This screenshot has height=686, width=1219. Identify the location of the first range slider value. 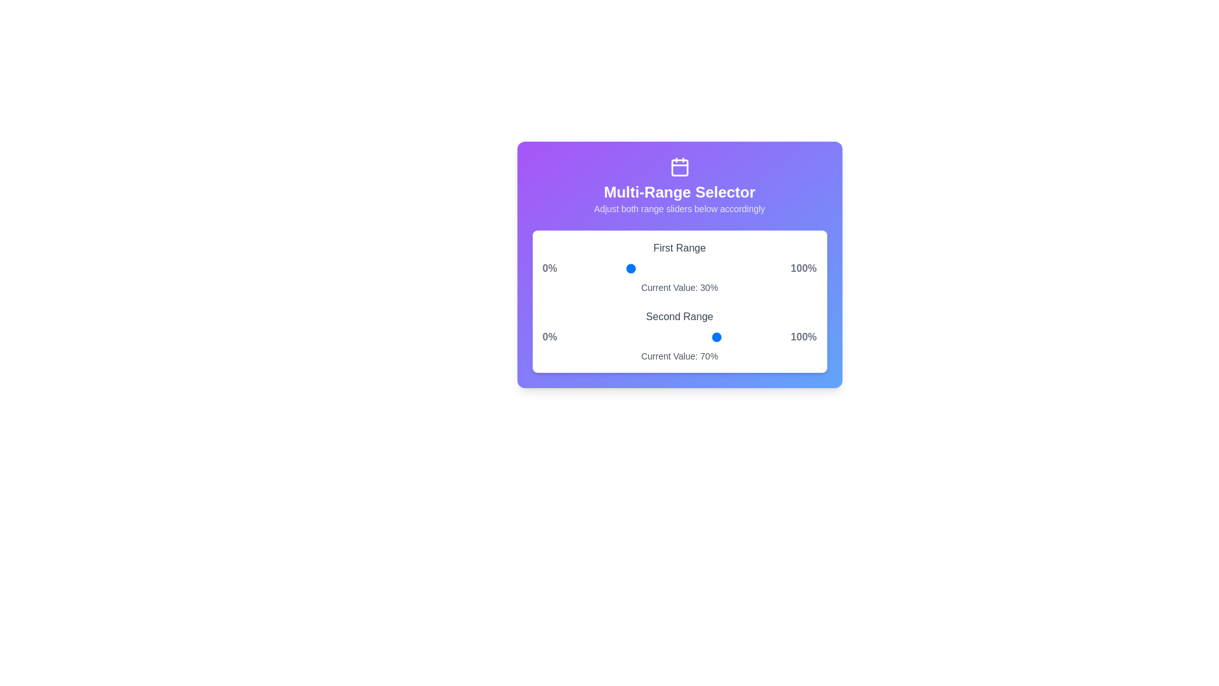
(629, 268).